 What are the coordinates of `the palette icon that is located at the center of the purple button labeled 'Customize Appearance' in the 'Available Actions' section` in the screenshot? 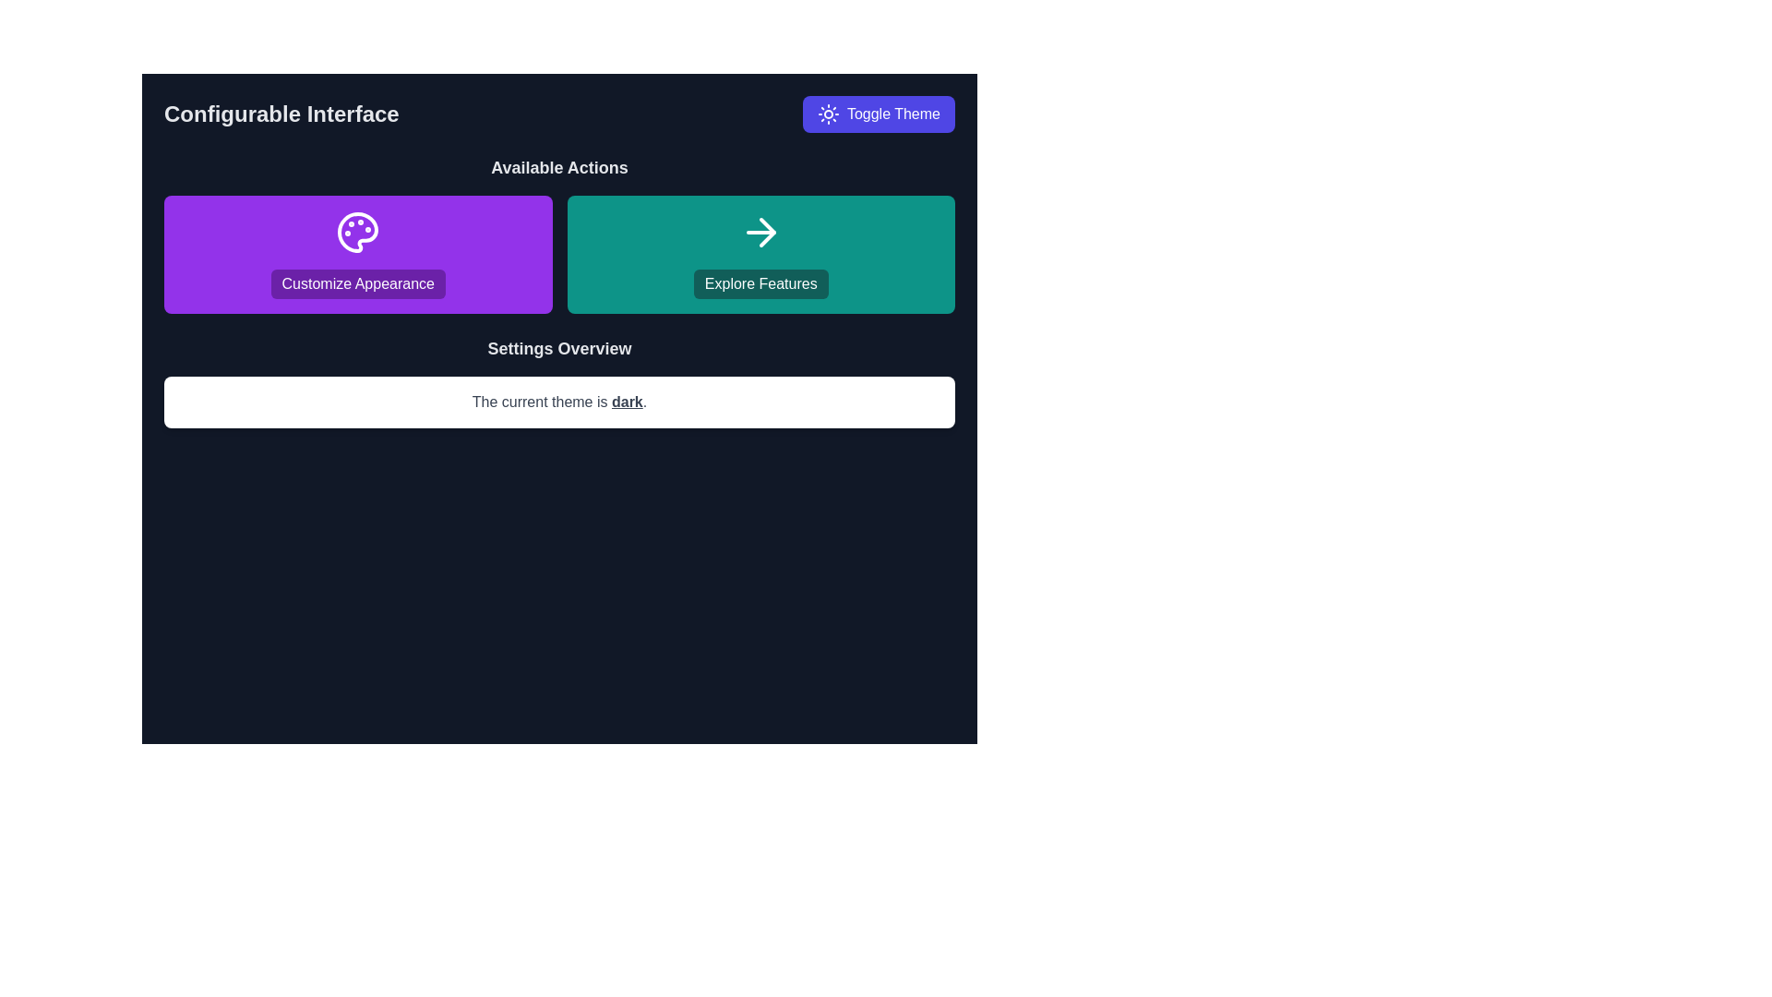 It's located at (358, 231).